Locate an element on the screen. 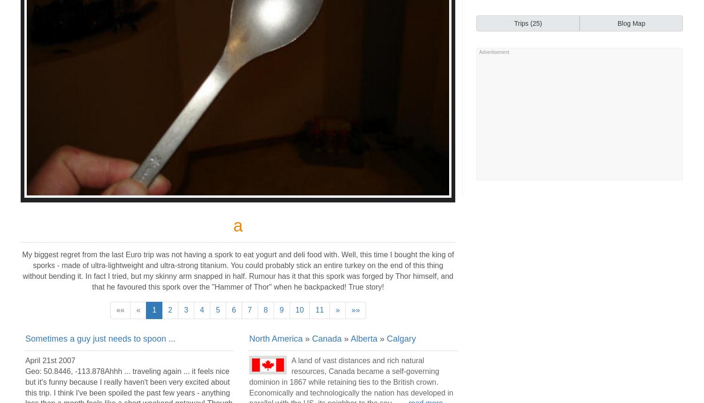 The image size is (704, 403). 'My biggest regret from the last Euro trip was not having a spork to eat yogurt and deli food with.  Well, this time I bought the king of sporks - made of ultra-lightweight and ultra-strong titanium.  You could probably stick an entire turkey on the end of this thing without bending it.  In fact I tried, but my skinny arm snapped in half.

Rumour has it that this spork was forged by Thor himself, and that he favoured this spork over the "Hammer of Thor" when he backpacked!  True story!' is located at coordinates (238, 270).